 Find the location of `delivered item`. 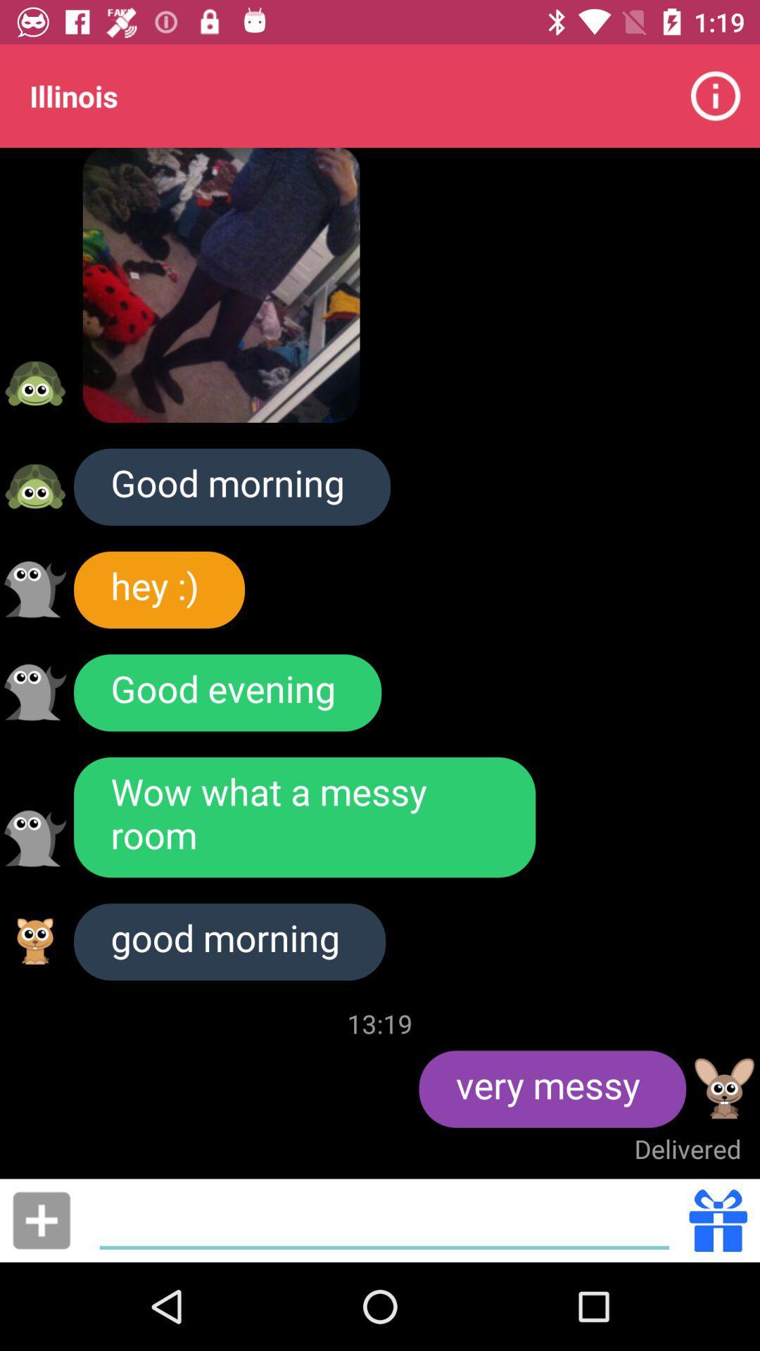

delivered item is located at coordinates (687, 1148).